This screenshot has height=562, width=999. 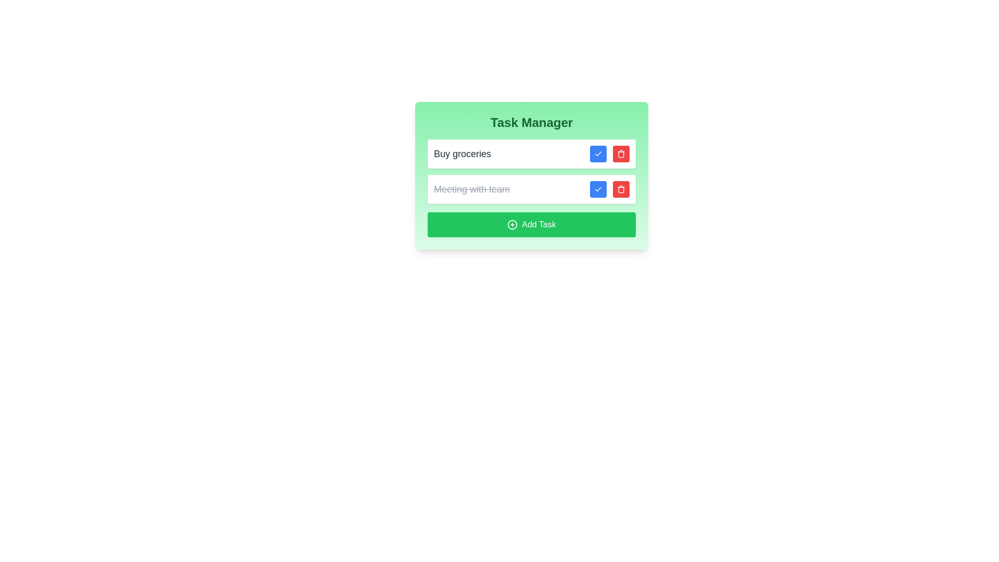 What do you see at coordinates (532, 171) in the screenshot?
I see `the interactive task item buttons within the task manager panel` at bounding box center [532, 171].